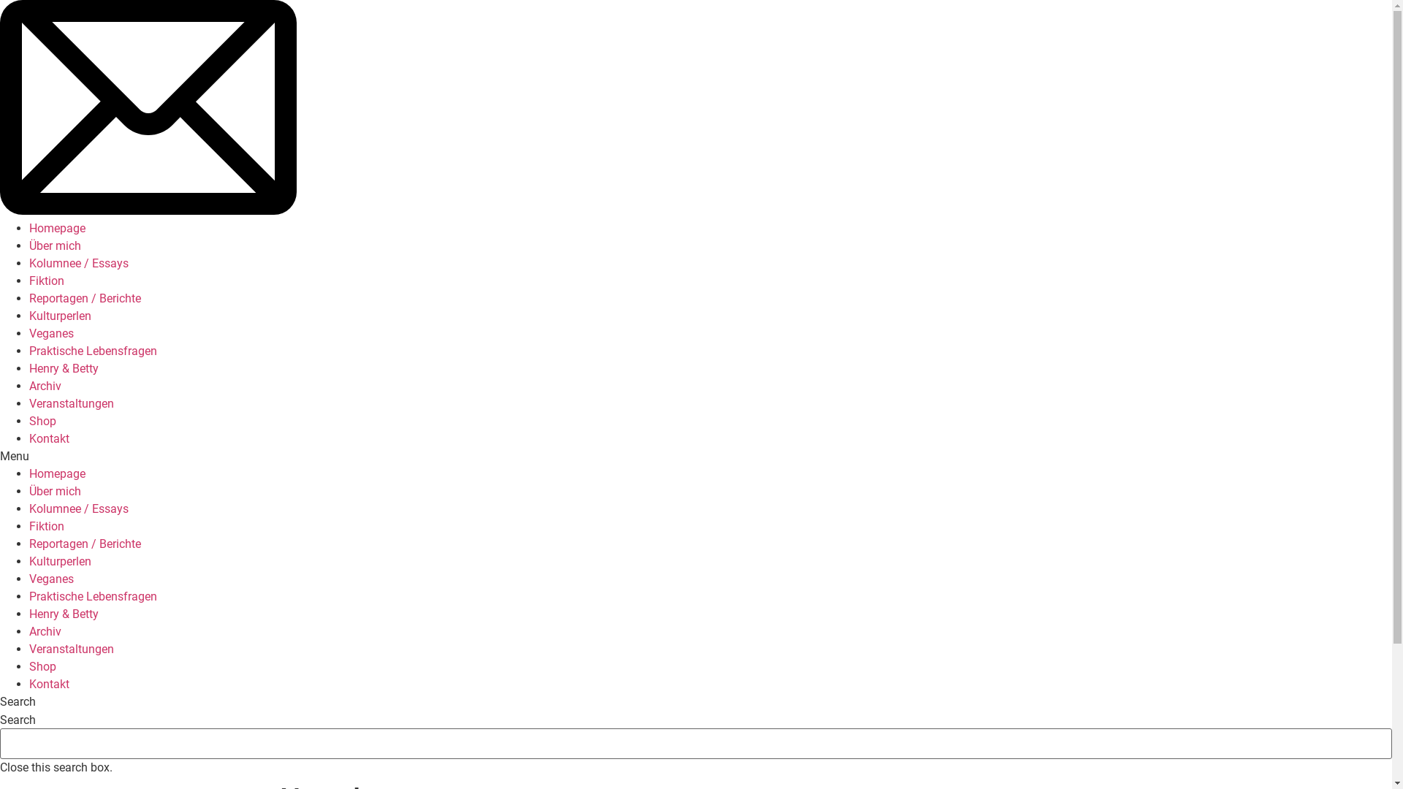 The image size is (1403, 789). Describe the element at coordinates (46, 281) in the screenshot. I see `'Fiktion'` at that location.